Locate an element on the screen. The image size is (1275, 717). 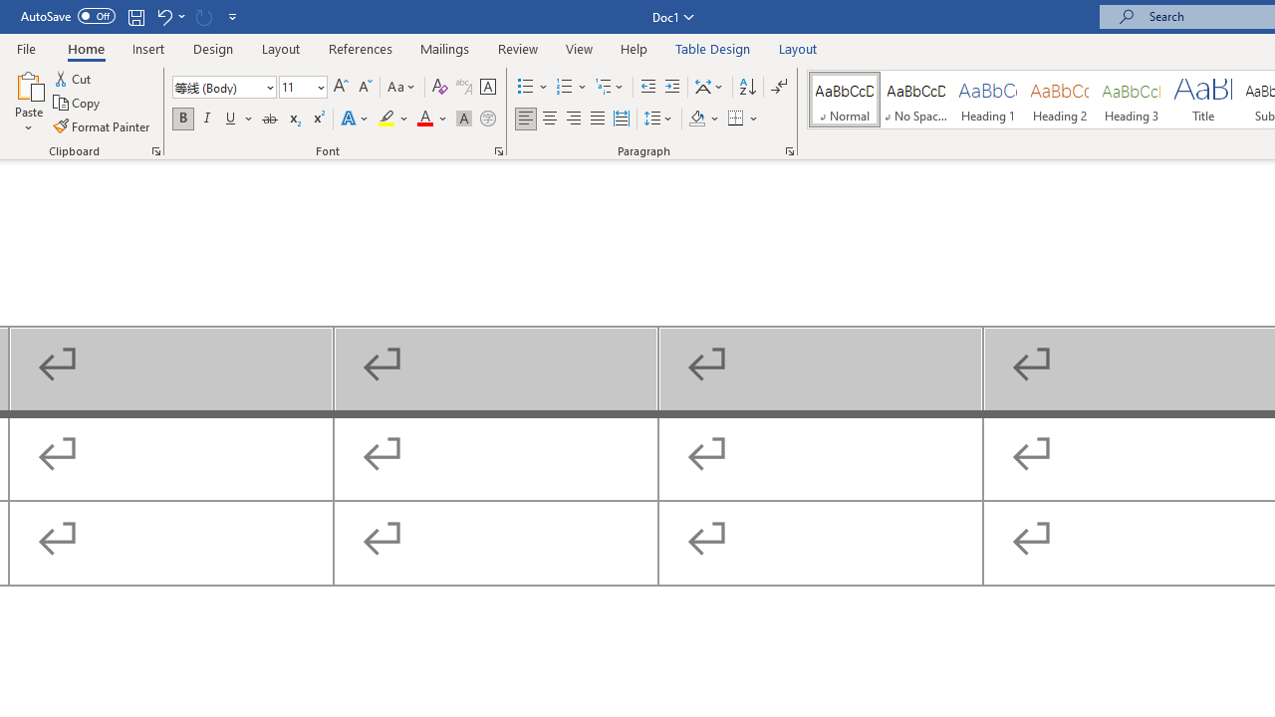
'Text Effects and Typography' is located at coordinates (356, 119).